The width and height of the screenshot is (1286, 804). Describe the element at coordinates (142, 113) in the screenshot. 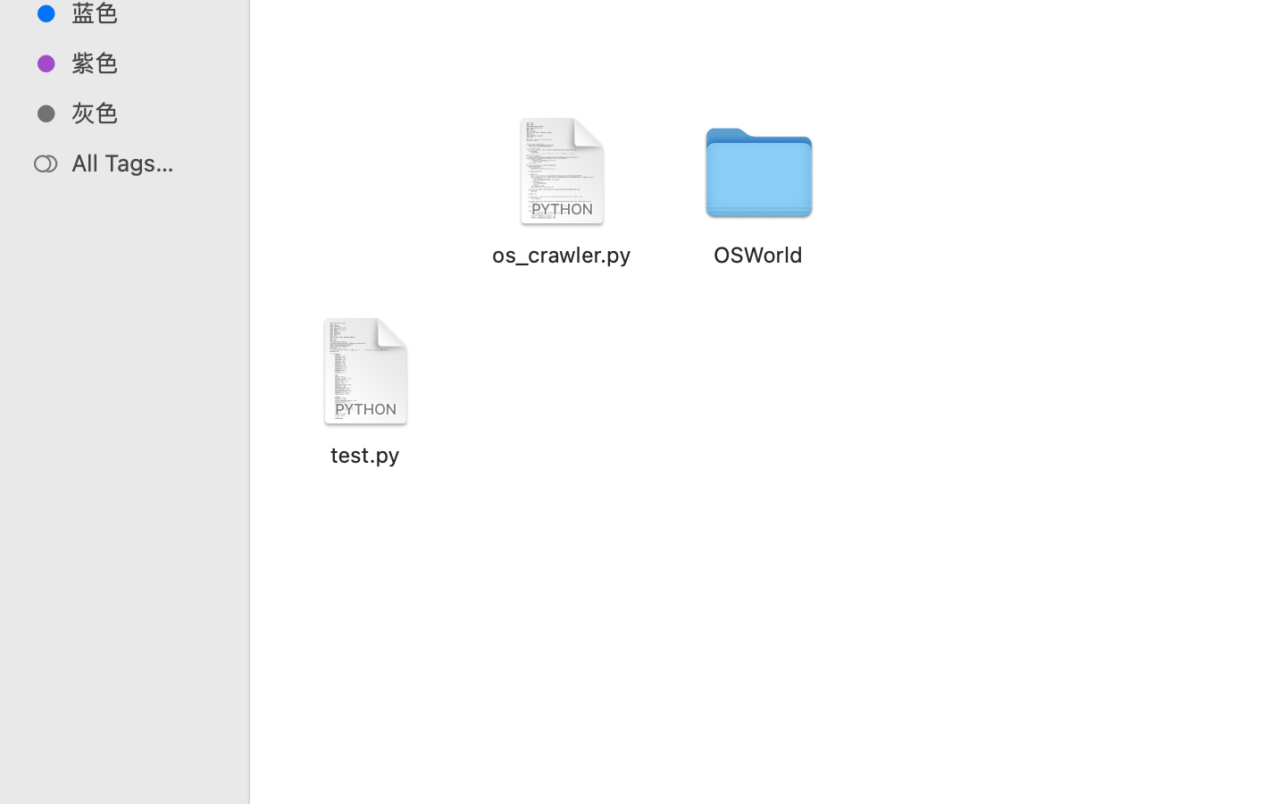

I see `'灰色'` at that location.